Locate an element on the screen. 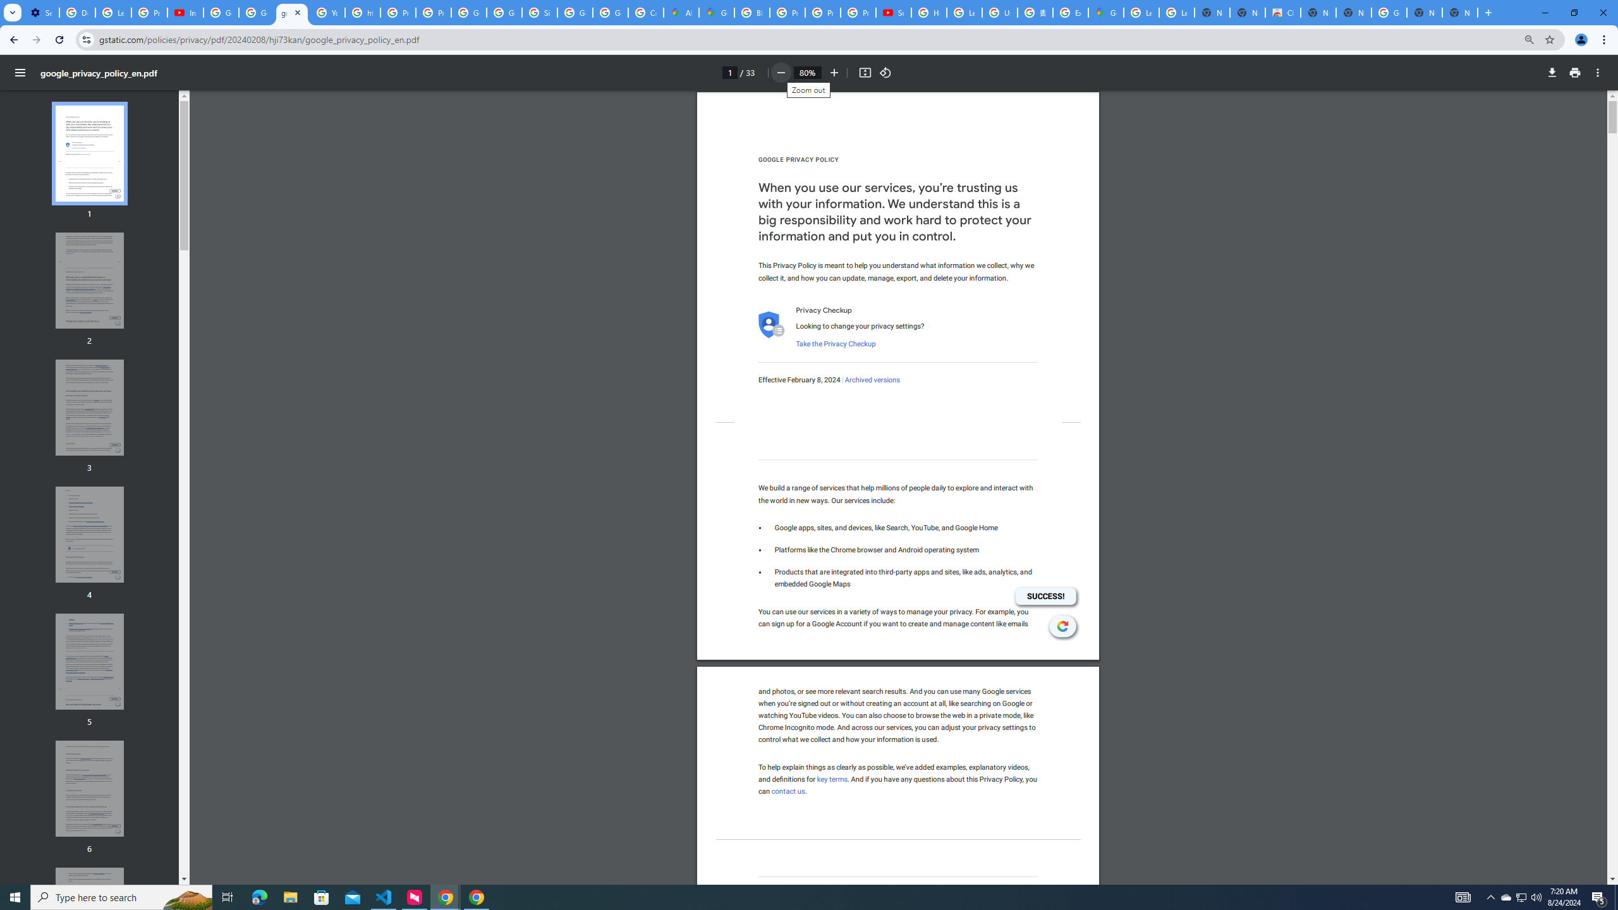 The width and height of the screenshot is (1618, 910). 'Page number' is located at coordinates (729, 72).